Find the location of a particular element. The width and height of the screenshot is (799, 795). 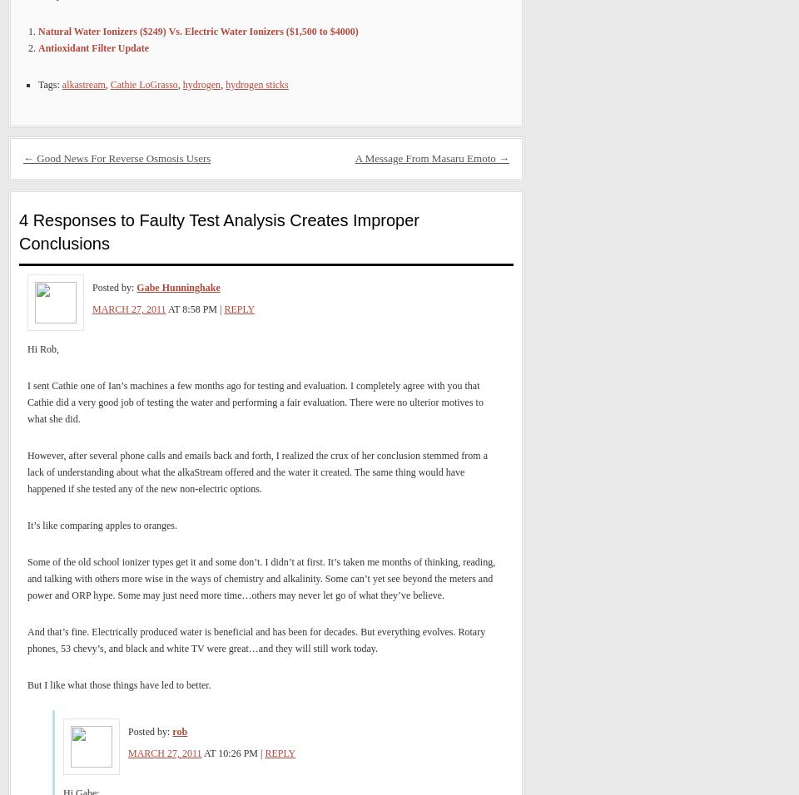

'And that’s fine.  Electrically produced water is beneficial and has been for decades.  But everything evolves.  Rotary phones, 53 chevy’s, and black and white TV were great…and they will still work today.' is located at coordinates (256, 639).